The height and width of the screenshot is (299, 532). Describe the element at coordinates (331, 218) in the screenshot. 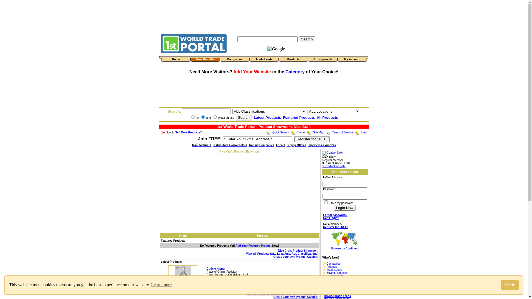

I see `'Can't login?'` at that location.